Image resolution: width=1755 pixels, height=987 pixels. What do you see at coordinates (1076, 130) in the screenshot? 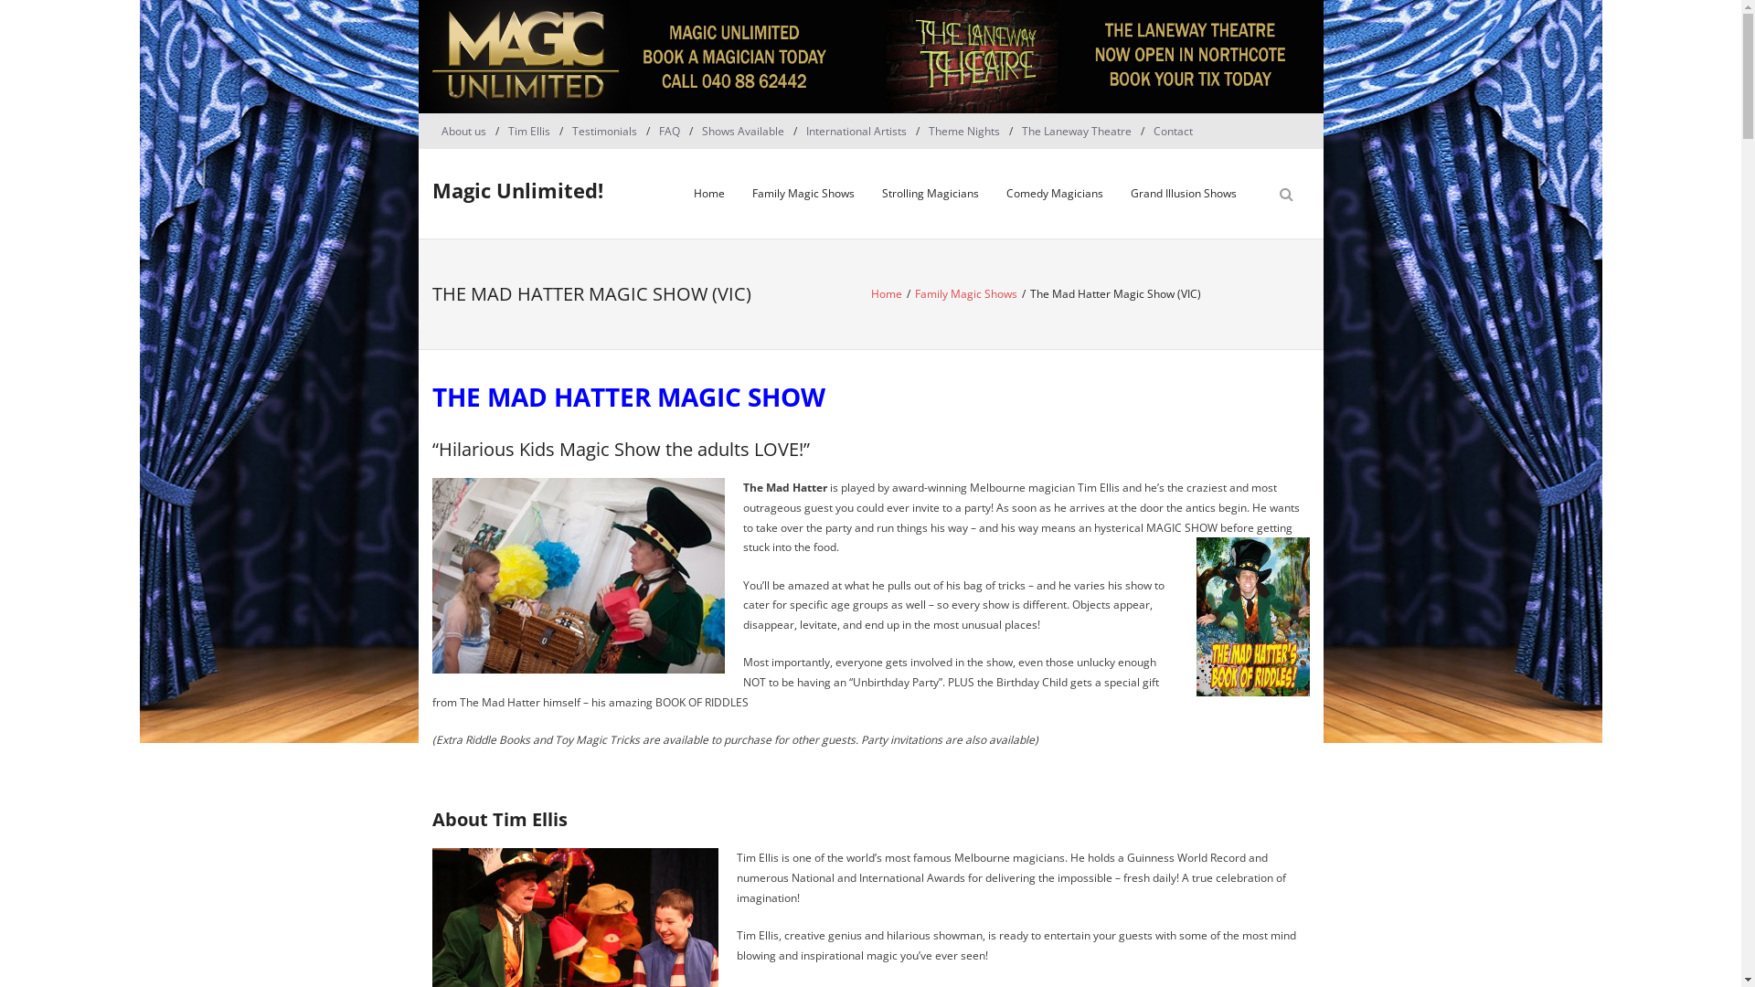
I see `'The Laneway Theatre'` at bounding box center [1076, 130].